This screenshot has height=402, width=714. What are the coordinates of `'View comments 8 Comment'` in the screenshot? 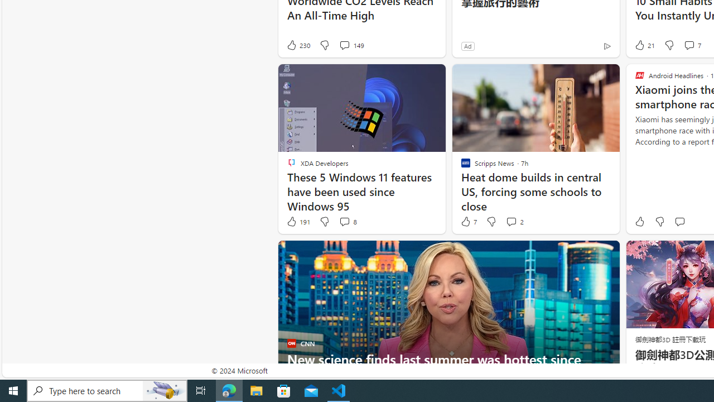 It's located at (347, 222).